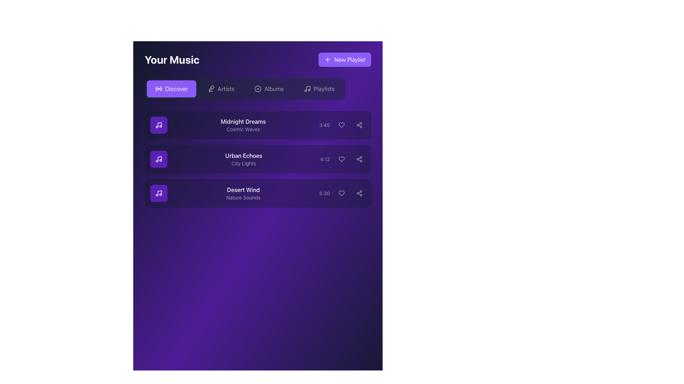  Describe the element at coordinates (258, 159) in the screenshot. I see `the 'Urban Echoes' song entry` at that location.